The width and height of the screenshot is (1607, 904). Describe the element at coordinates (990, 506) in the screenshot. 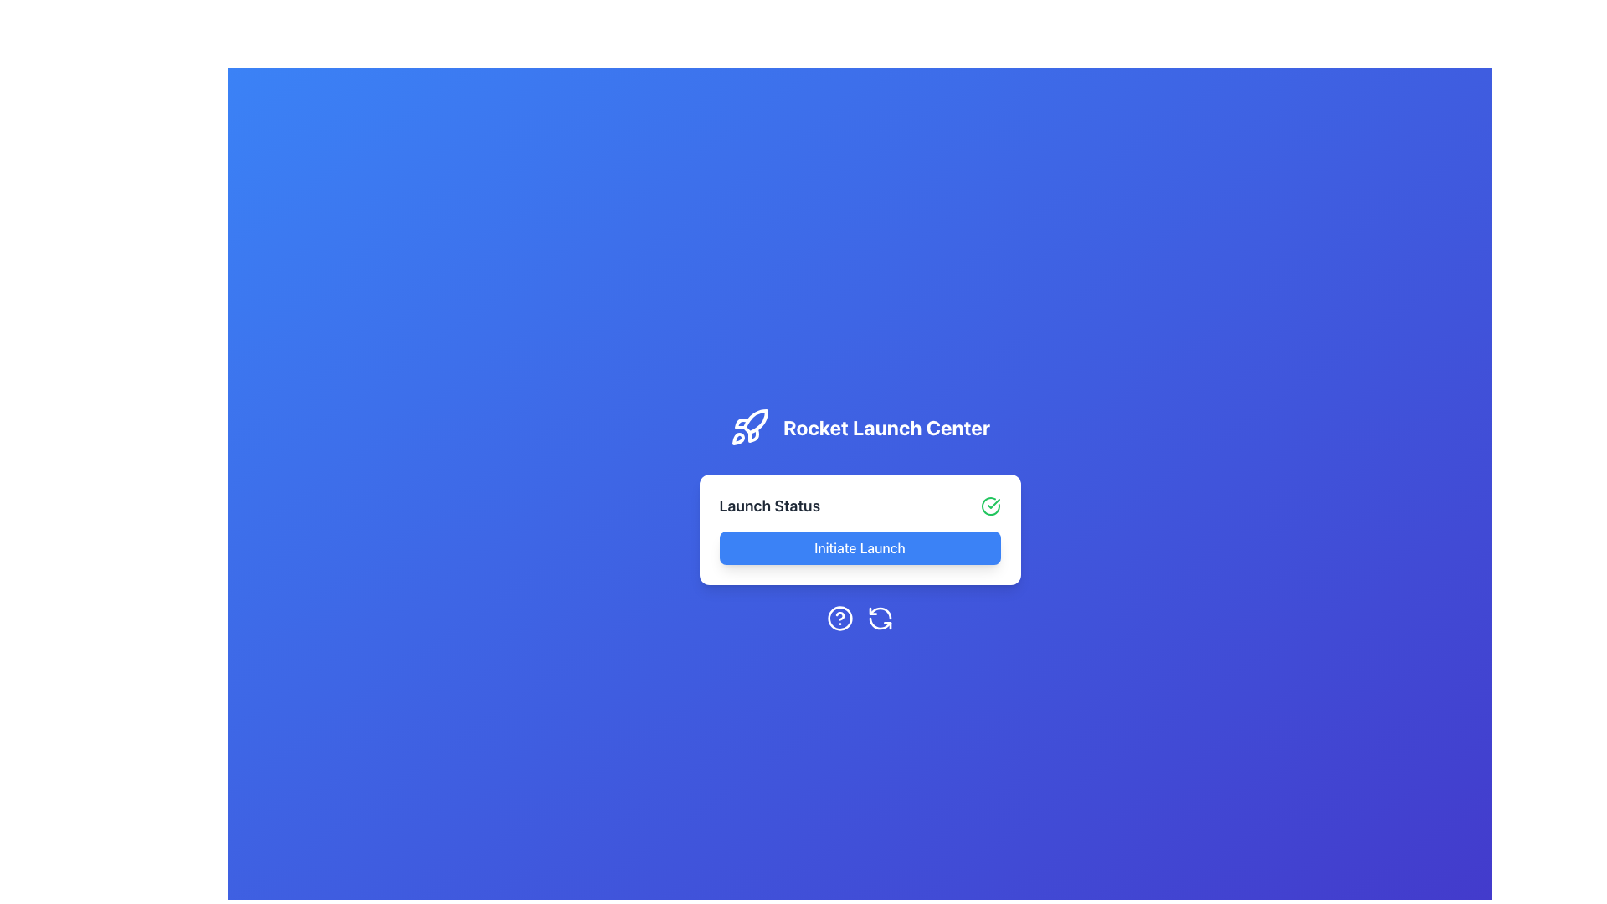

I see `the green checkmark icon inside a circle, which is positioned to the right of the 'Launch Status' text` at that location.